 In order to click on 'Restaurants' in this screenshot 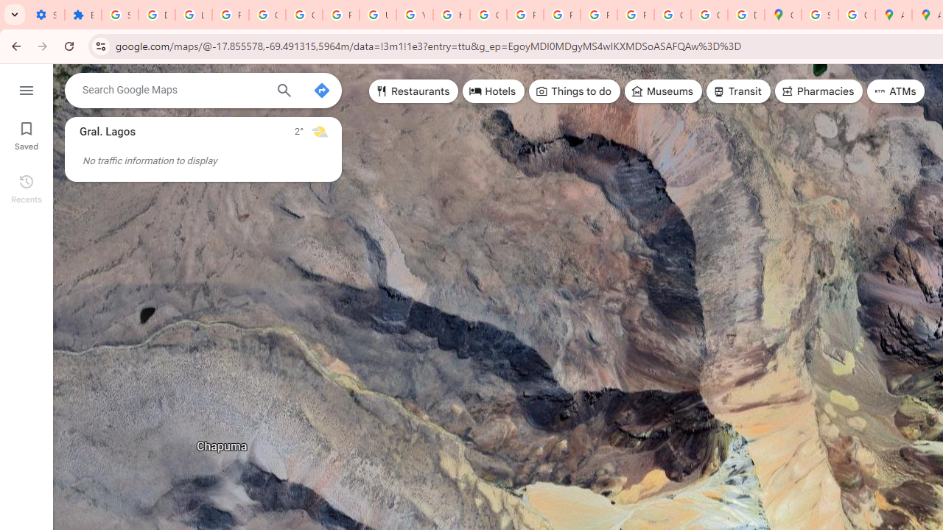, I will do `click(413, 91)`.